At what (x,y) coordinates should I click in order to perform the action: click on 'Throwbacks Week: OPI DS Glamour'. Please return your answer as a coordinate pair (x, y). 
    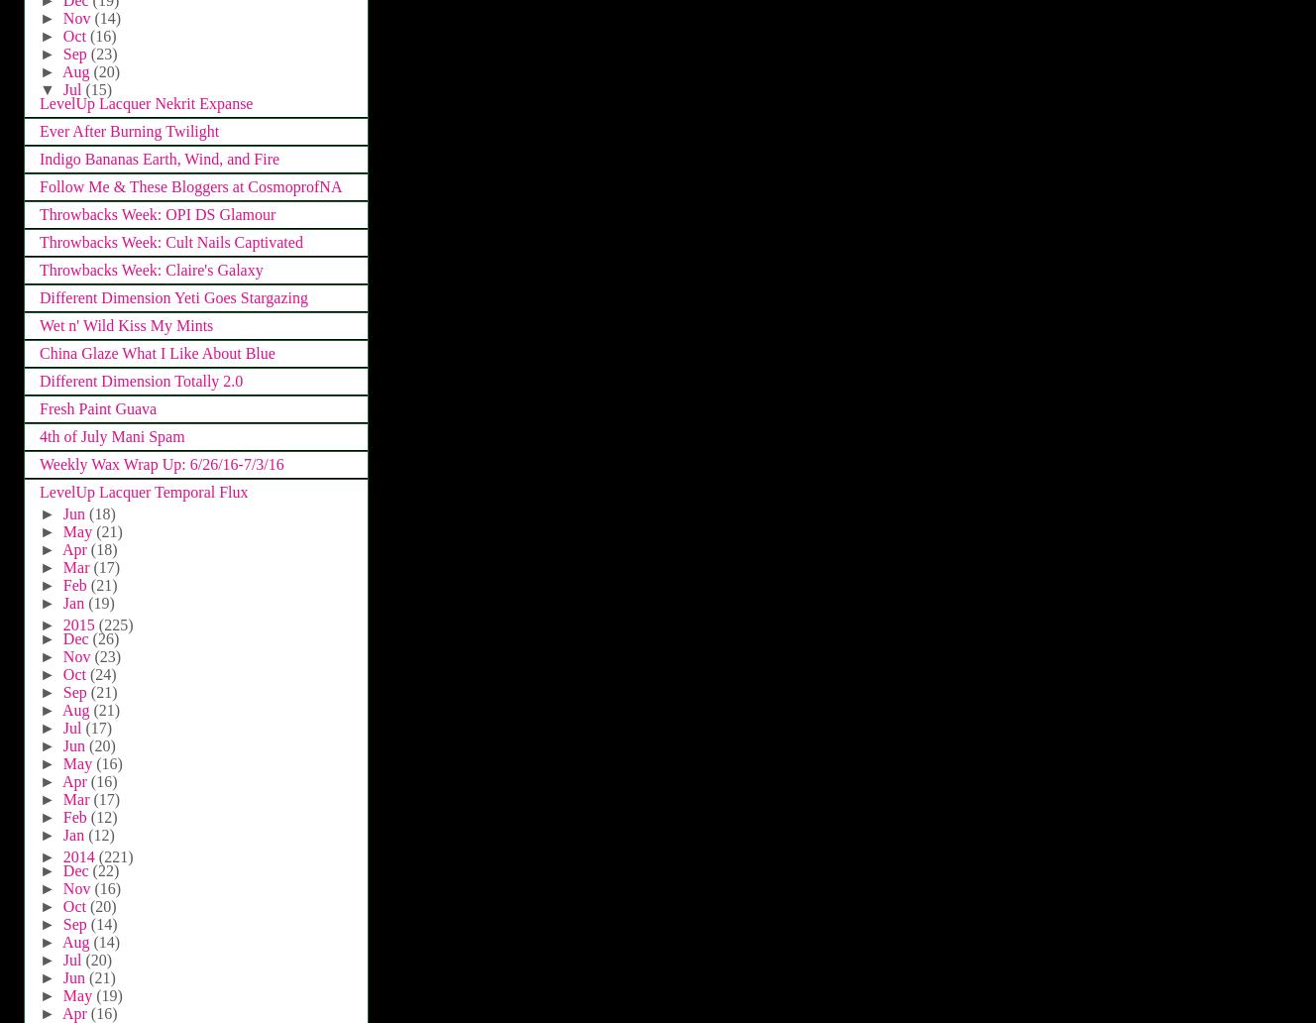
    Looking at the image, I should click on (156, 213).